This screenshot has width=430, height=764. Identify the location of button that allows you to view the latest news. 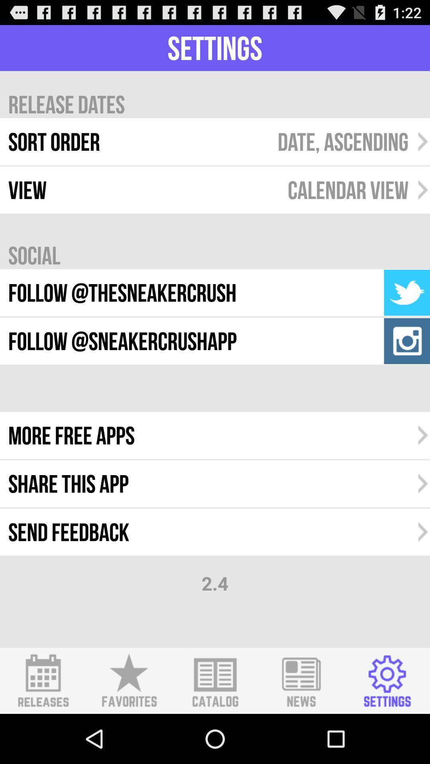
(301, 680).